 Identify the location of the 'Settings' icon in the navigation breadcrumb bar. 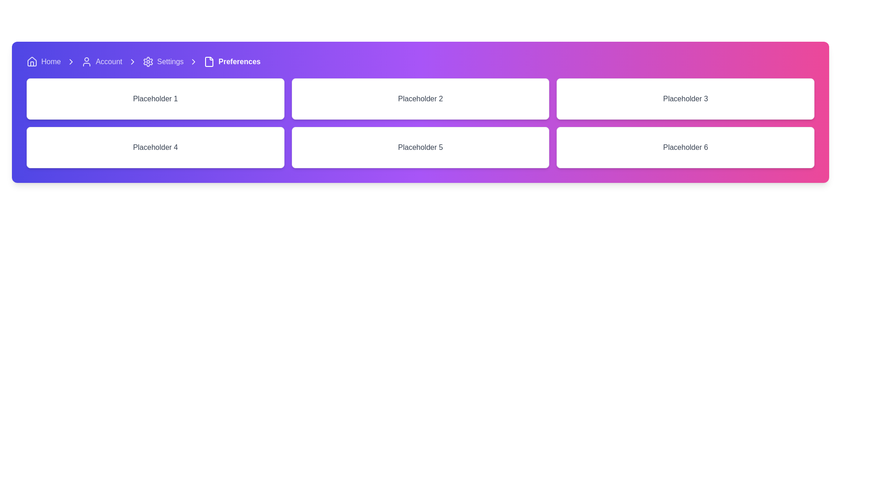
(148, 62).